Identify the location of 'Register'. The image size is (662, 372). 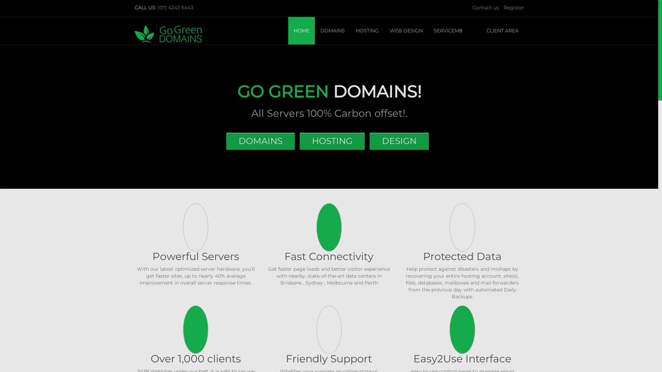
(513, 8).